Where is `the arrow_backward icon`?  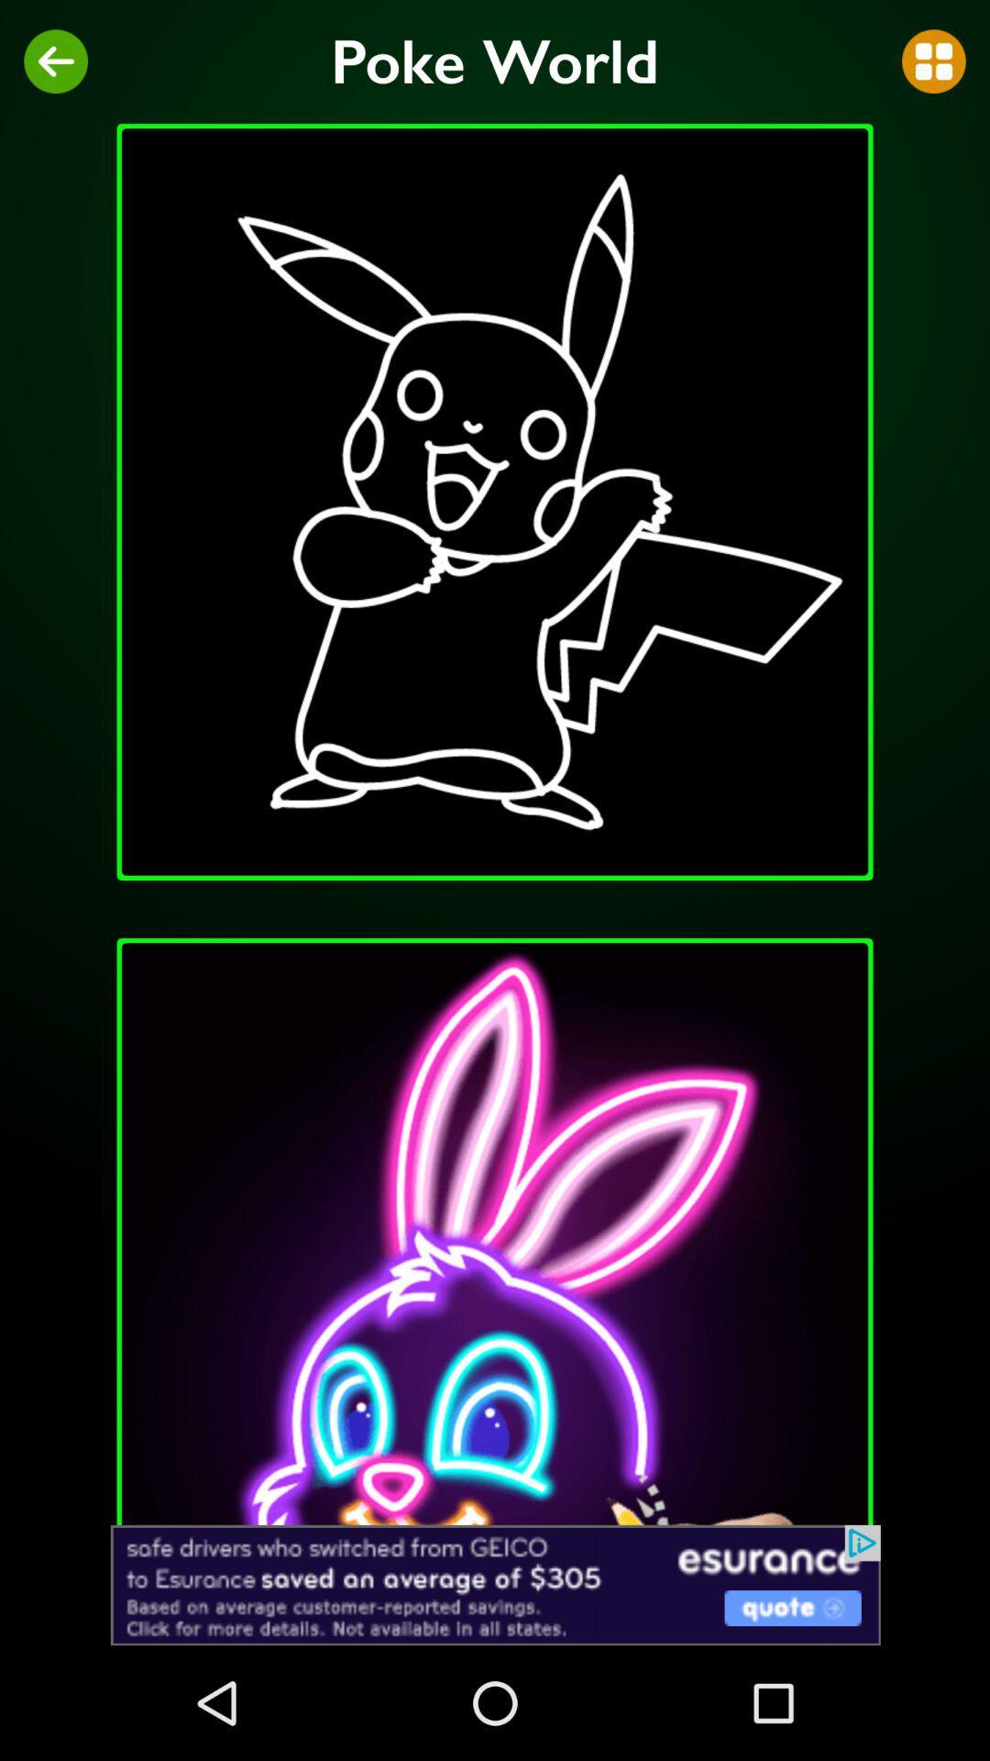 the arrow_backward icon is located at coordinates (55, 61).